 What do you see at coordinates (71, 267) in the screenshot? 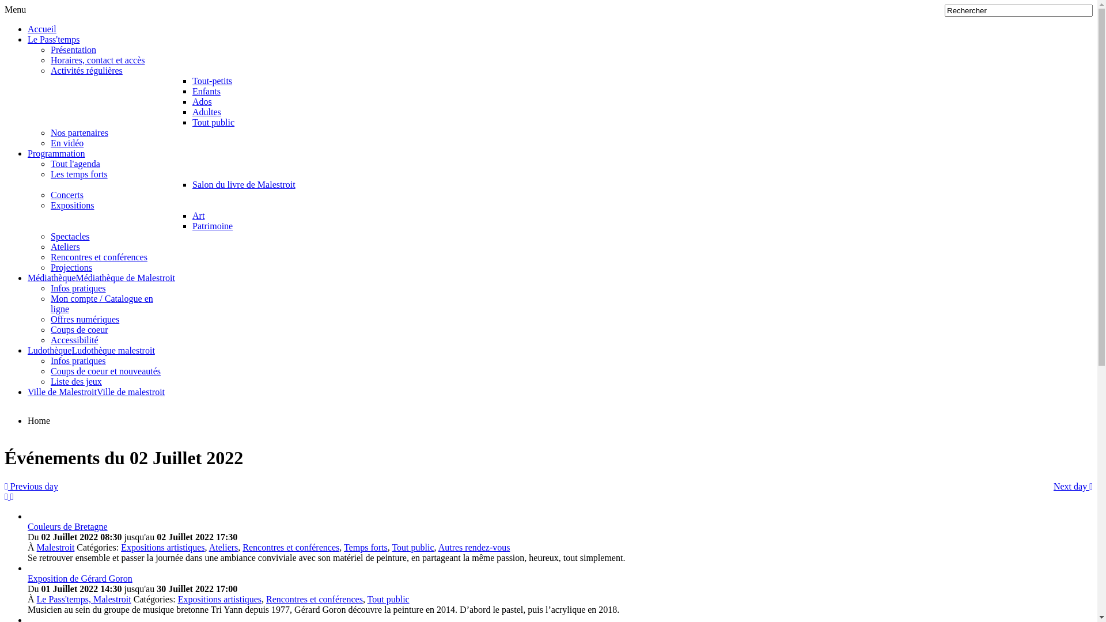
I see `'Projections'` at bounding box center [71, 267].